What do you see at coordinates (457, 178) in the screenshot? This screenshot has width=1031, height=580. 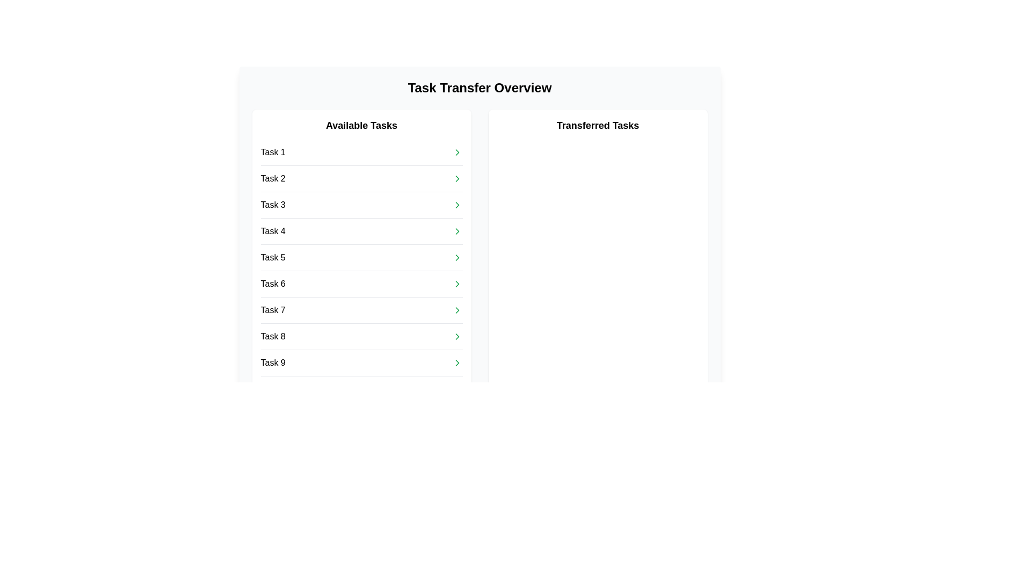 I see `the chevron icon to the right of 'Task 2' in the 'Available Tasks' list` at bounding box center [457, 178].